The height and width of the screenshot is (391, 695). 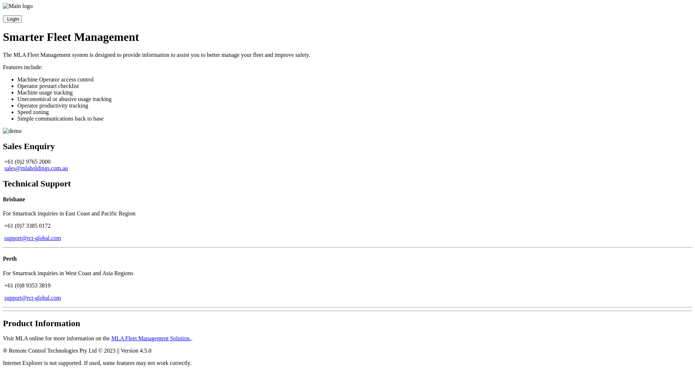 I want to click on 'support@rct-global.com', so click(x=32, y=238).